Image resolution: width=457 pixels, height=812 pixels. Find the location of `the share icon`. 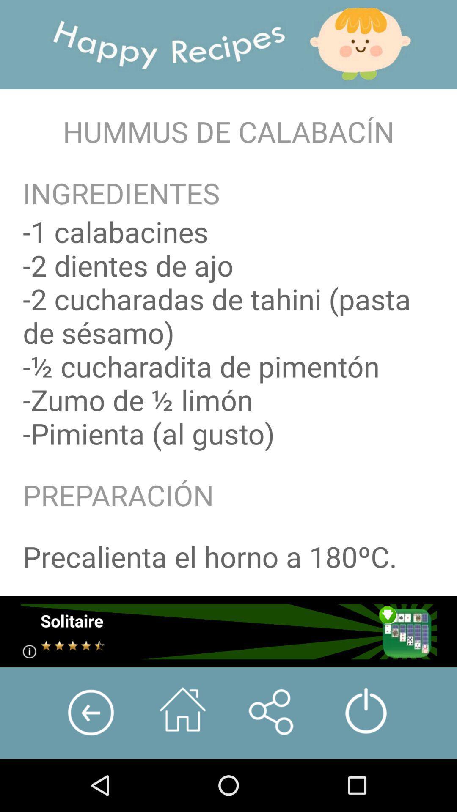

the share icon is located at coordinates (274, 763).